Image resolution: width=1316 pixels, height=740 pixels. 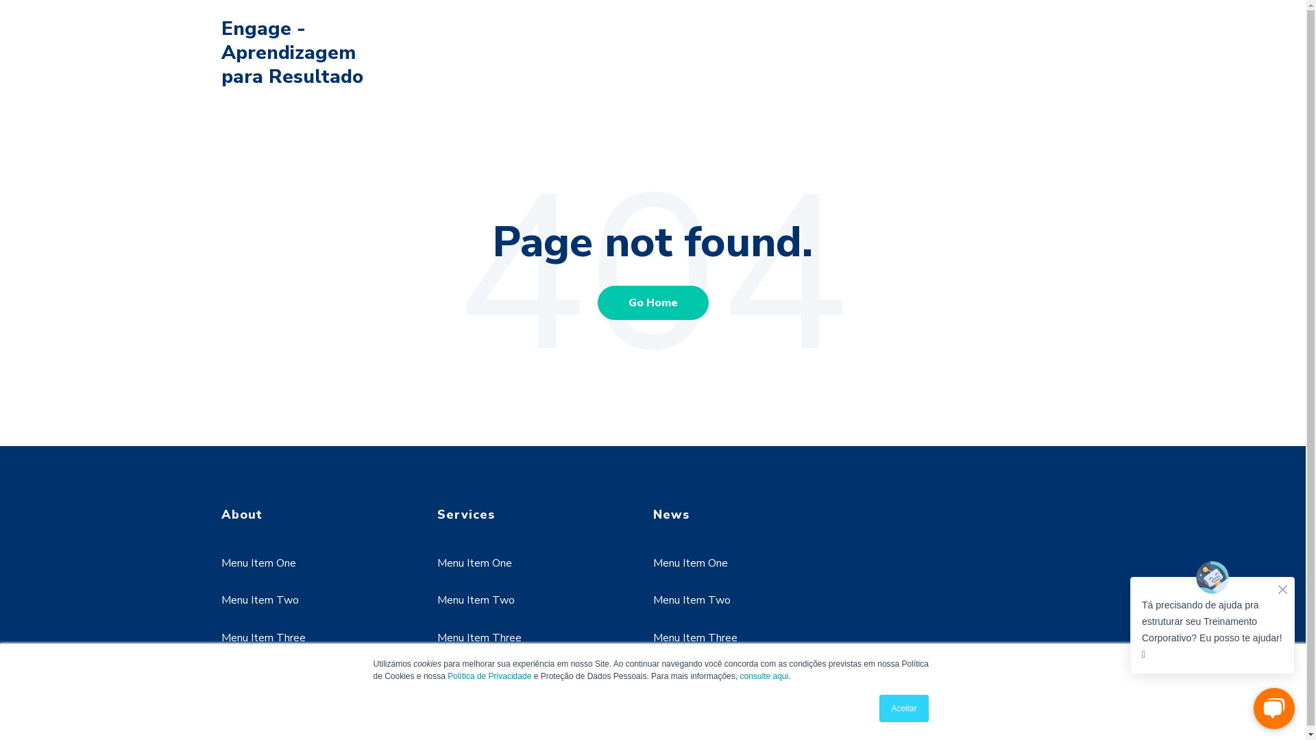 I want to click on 'Menu Item Three', so click(x=651, y=637).